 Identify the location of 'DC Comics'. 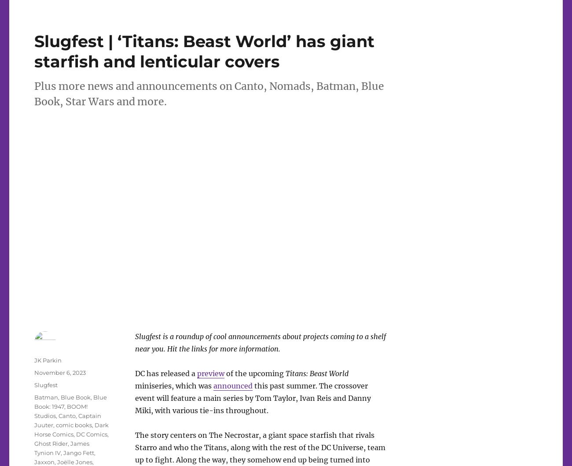
(76, 433).